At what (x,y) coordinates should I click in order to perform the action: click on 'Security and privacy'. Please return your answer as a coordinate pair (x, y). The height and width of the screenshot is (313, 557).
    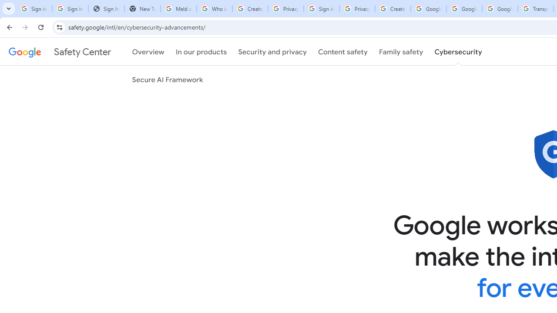
    Looking at the image, I should click on (272, 52).